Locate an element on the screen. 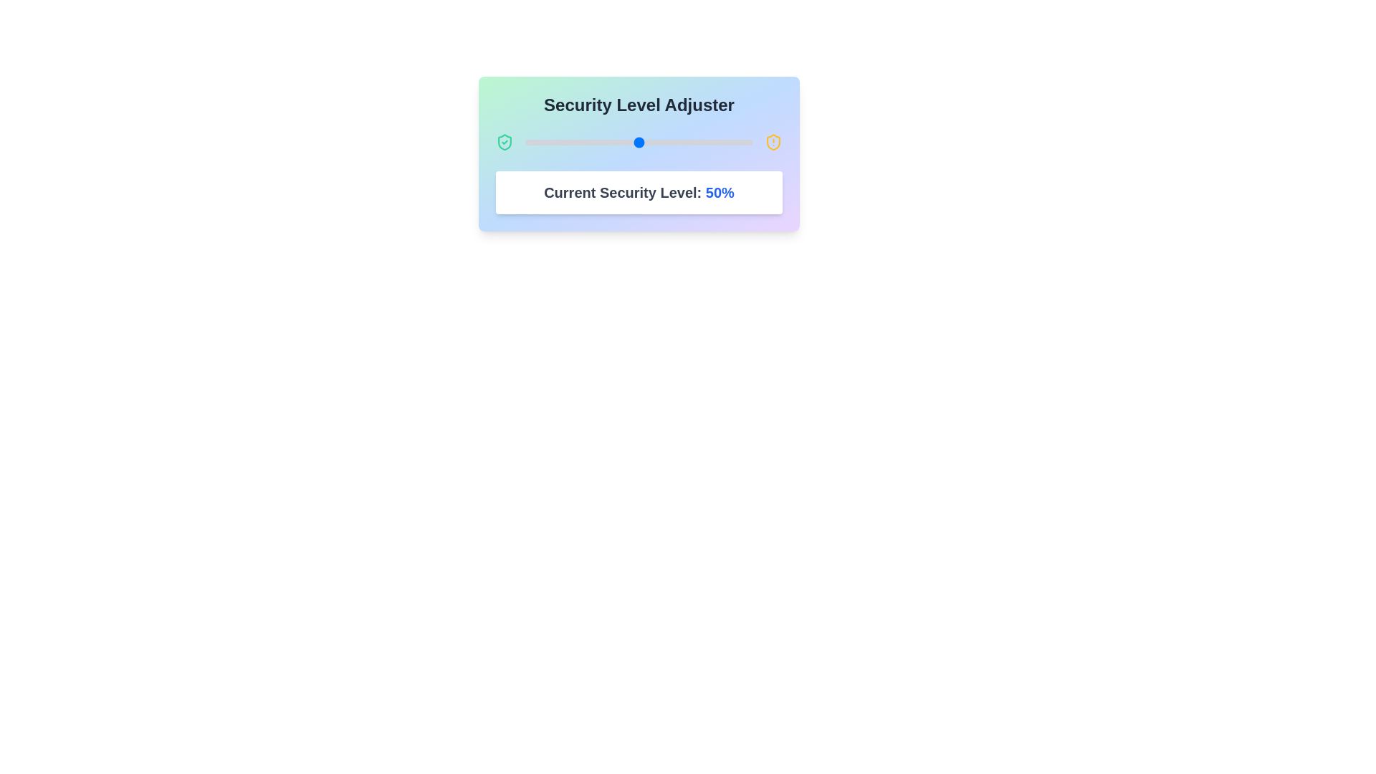 The image size is (1376, 774). the security level slider to 76% is located at coordinates (698, 143).